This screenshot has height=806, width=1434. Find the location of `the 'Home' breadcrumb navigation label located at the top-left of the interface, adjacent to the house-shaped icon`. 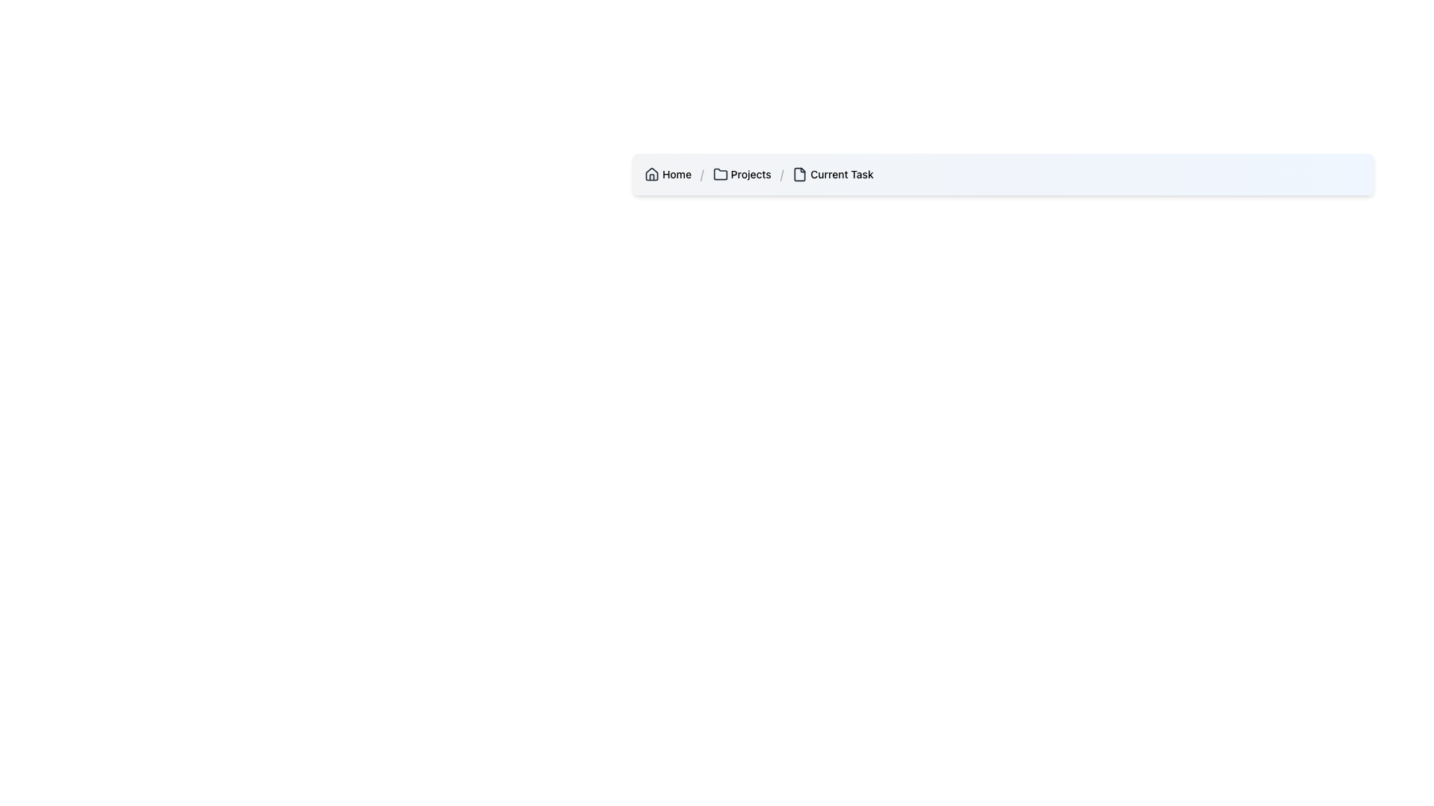

the 'Home' breadcrumb navigation label located at the top-left of the interface, adjacent to the house-shaped icon is located at coordinates (676, 174).